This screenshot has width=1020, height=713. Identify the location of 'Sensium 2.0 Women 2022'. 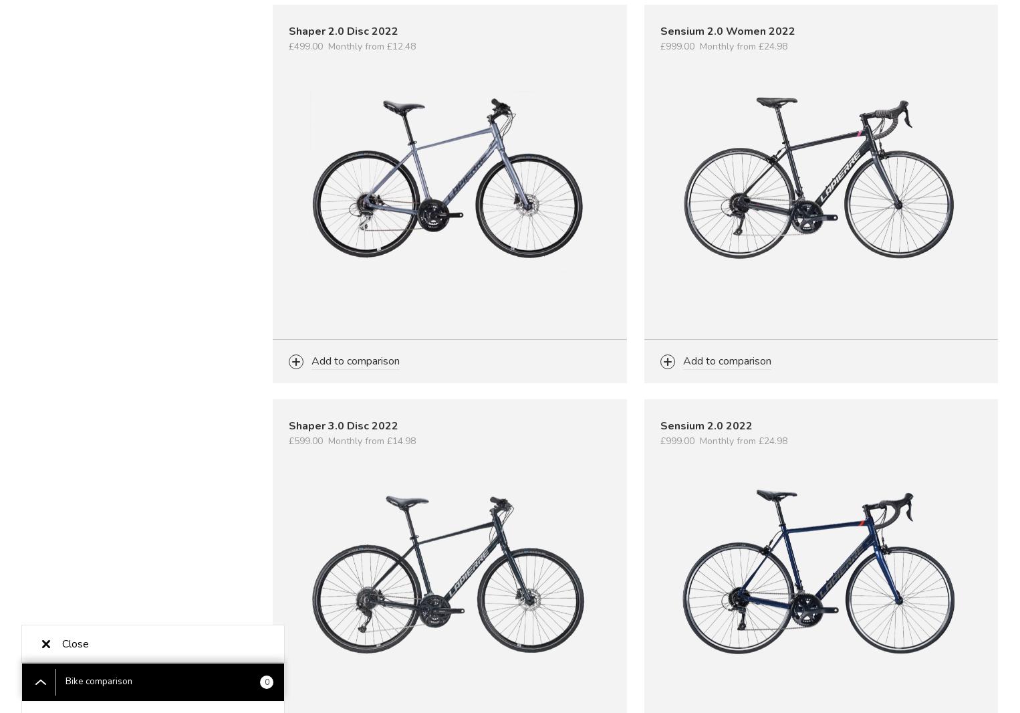
(727, 31).